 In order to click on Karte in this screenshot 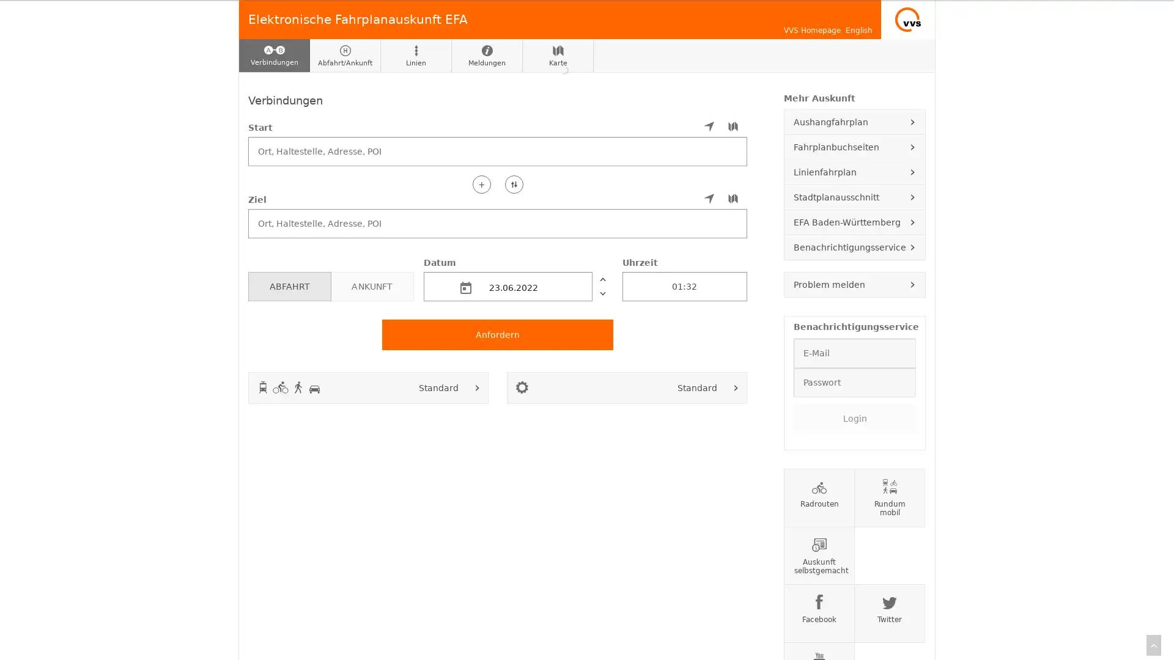, I will do `click(557, 56)`.